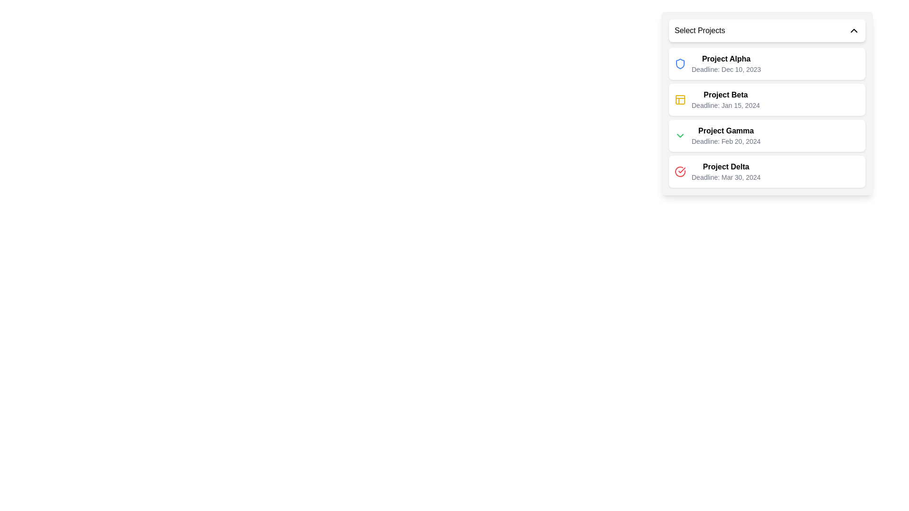 The image size is (909, 511). I want to click on the 'Project Alpha' project icon located near the top-left corner of the project listing, which is the first icon to the left of the project title, so click(679, 64).